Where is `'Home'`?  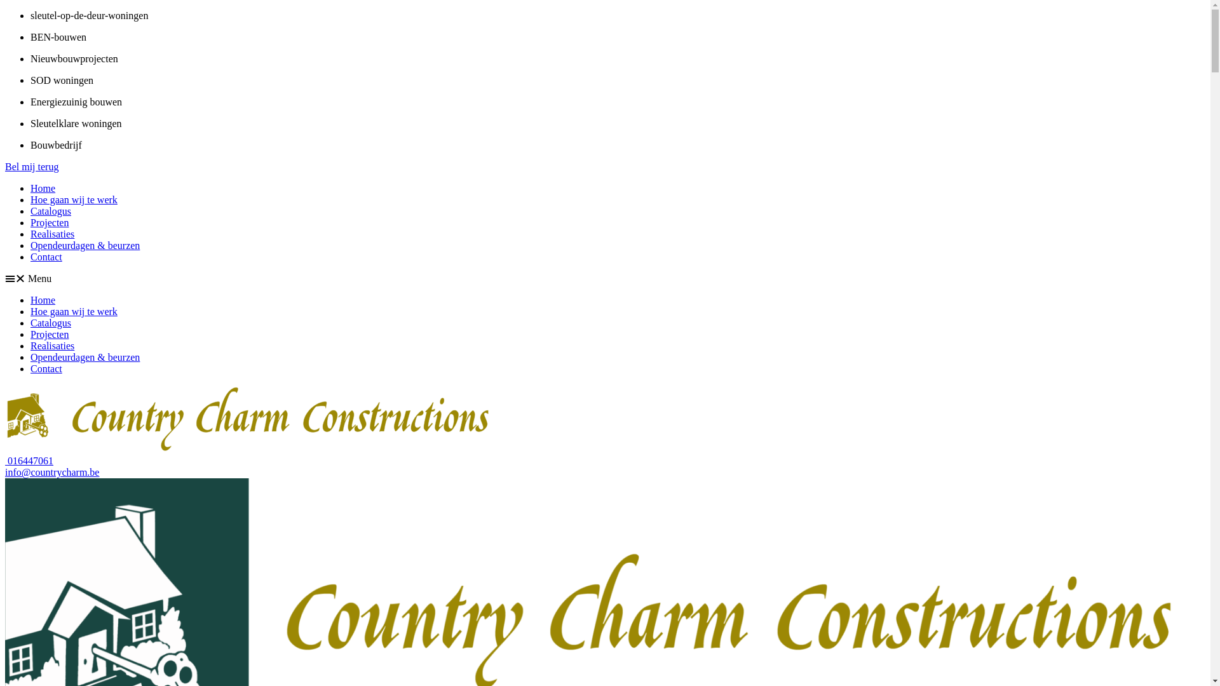
'Home' is located at coordinates (43, 300).